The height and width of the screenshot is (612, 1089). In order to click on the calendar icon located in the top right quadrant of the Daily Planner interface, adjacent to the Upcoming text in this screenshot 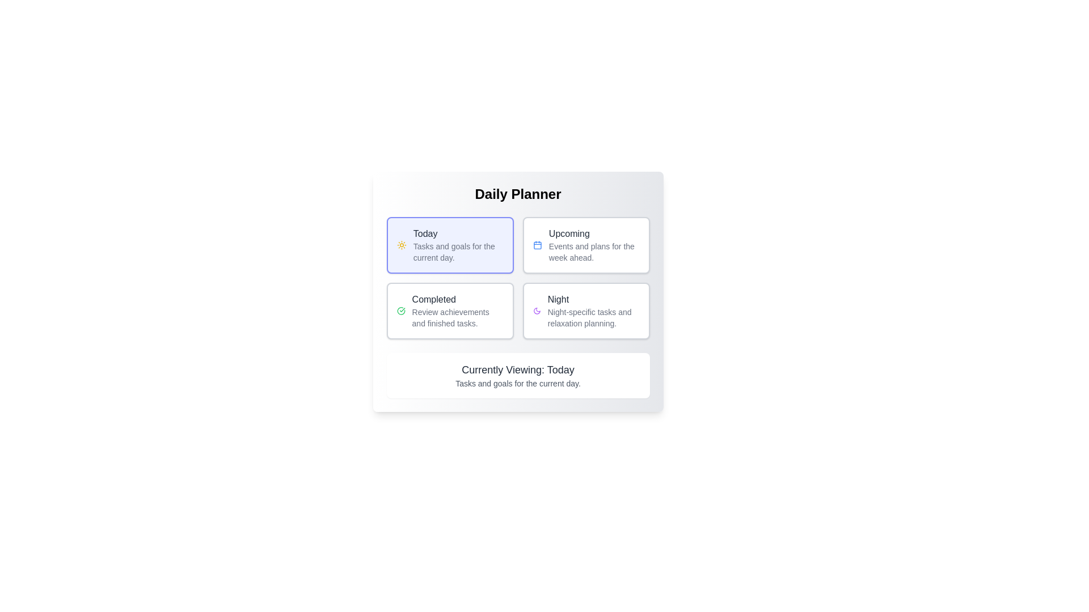, I will do `click(537, 244)`.